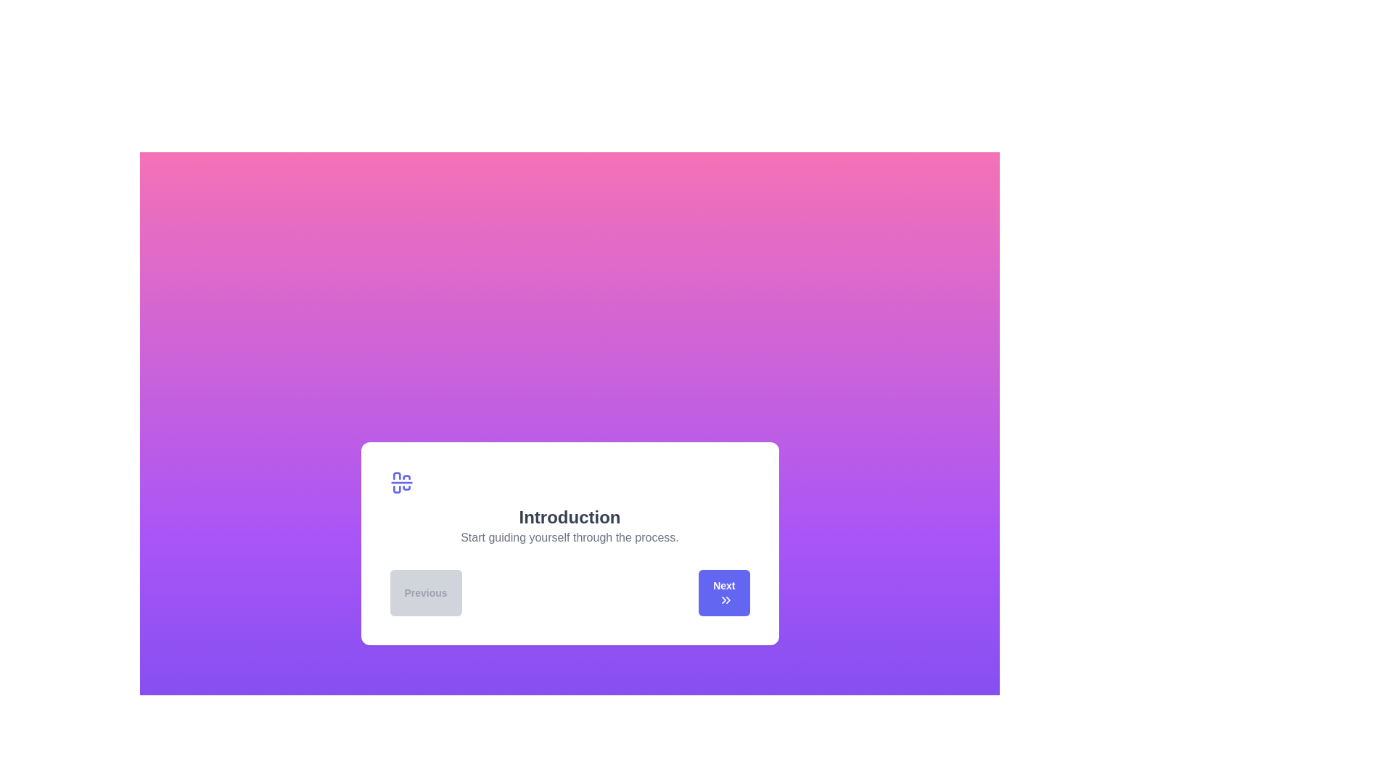  I want to click on the 'Next' button to navigate to the next step, so click(724, 592).